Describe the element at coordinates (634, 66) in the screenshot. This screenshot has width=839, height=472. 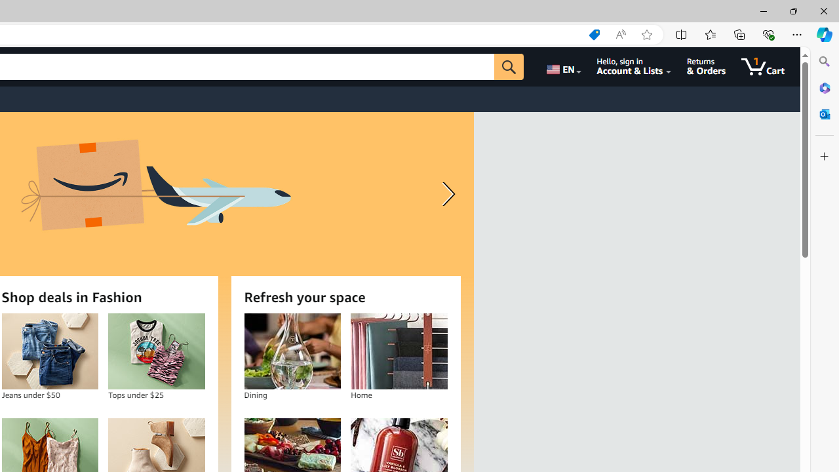
I see `'Hello, sign in Account & Lists'` at that location.